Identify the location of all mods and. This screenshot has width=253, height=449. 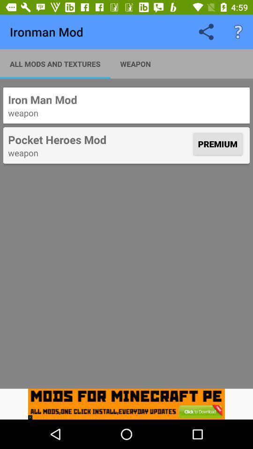
(55, 63).